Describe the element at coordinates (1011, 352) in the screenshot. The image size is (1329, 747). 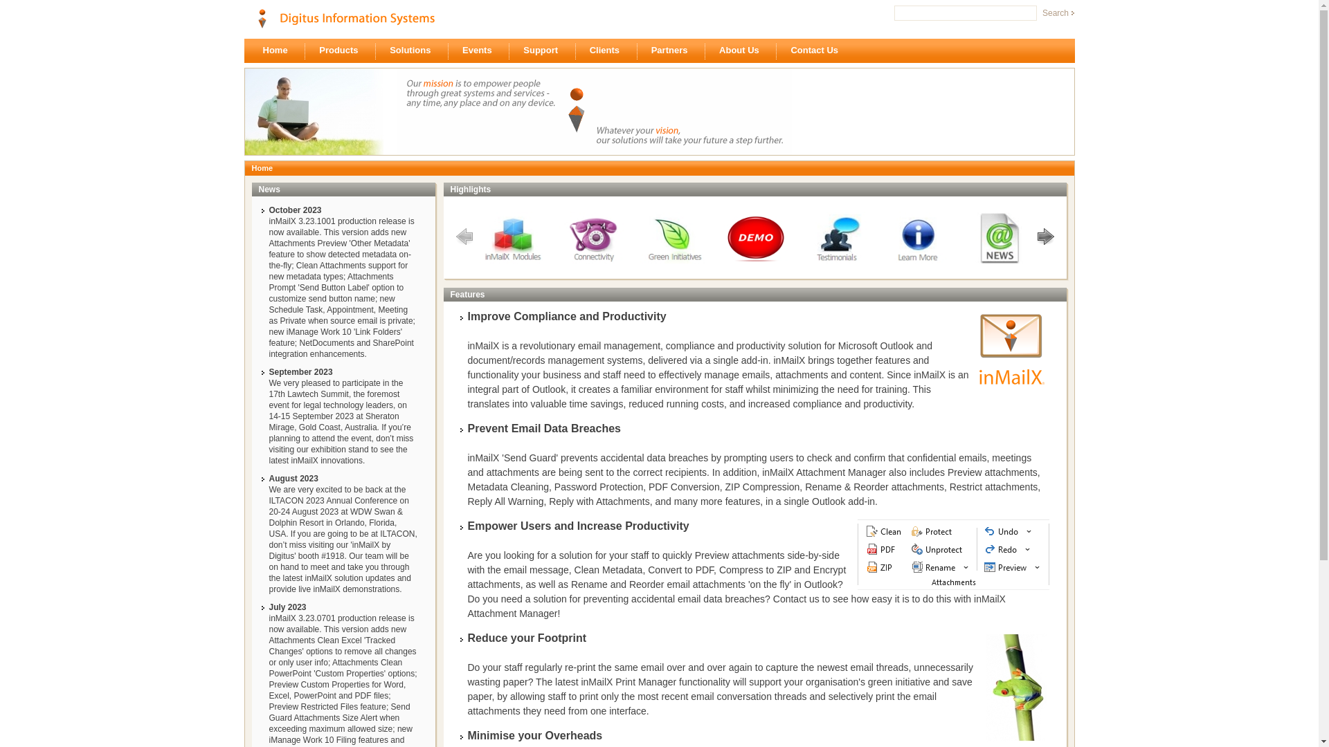
I see `'inMailX'` at that location.